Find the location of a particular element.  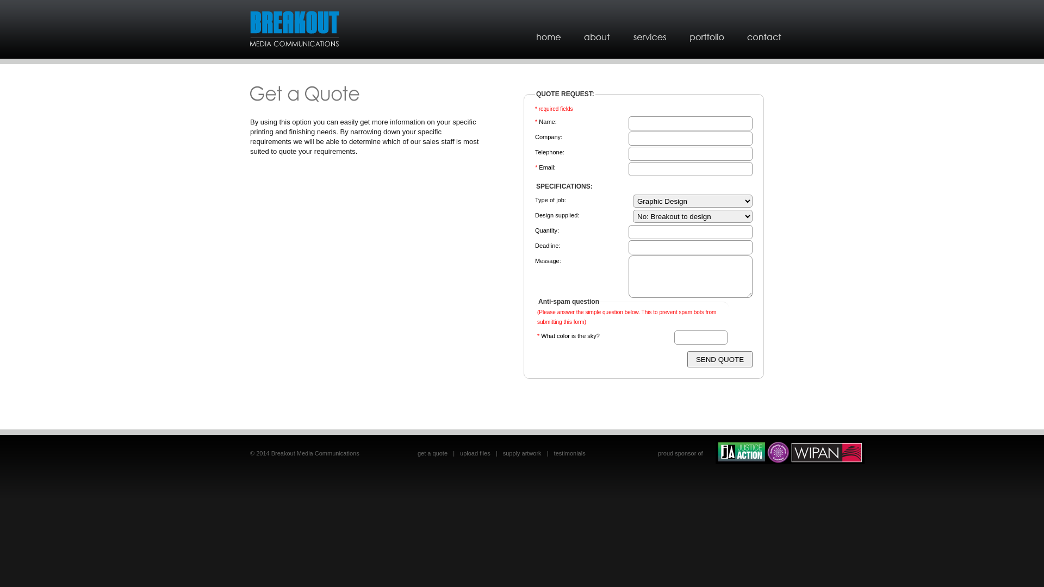

'supply artwork' is located at coordinates (522, 453).